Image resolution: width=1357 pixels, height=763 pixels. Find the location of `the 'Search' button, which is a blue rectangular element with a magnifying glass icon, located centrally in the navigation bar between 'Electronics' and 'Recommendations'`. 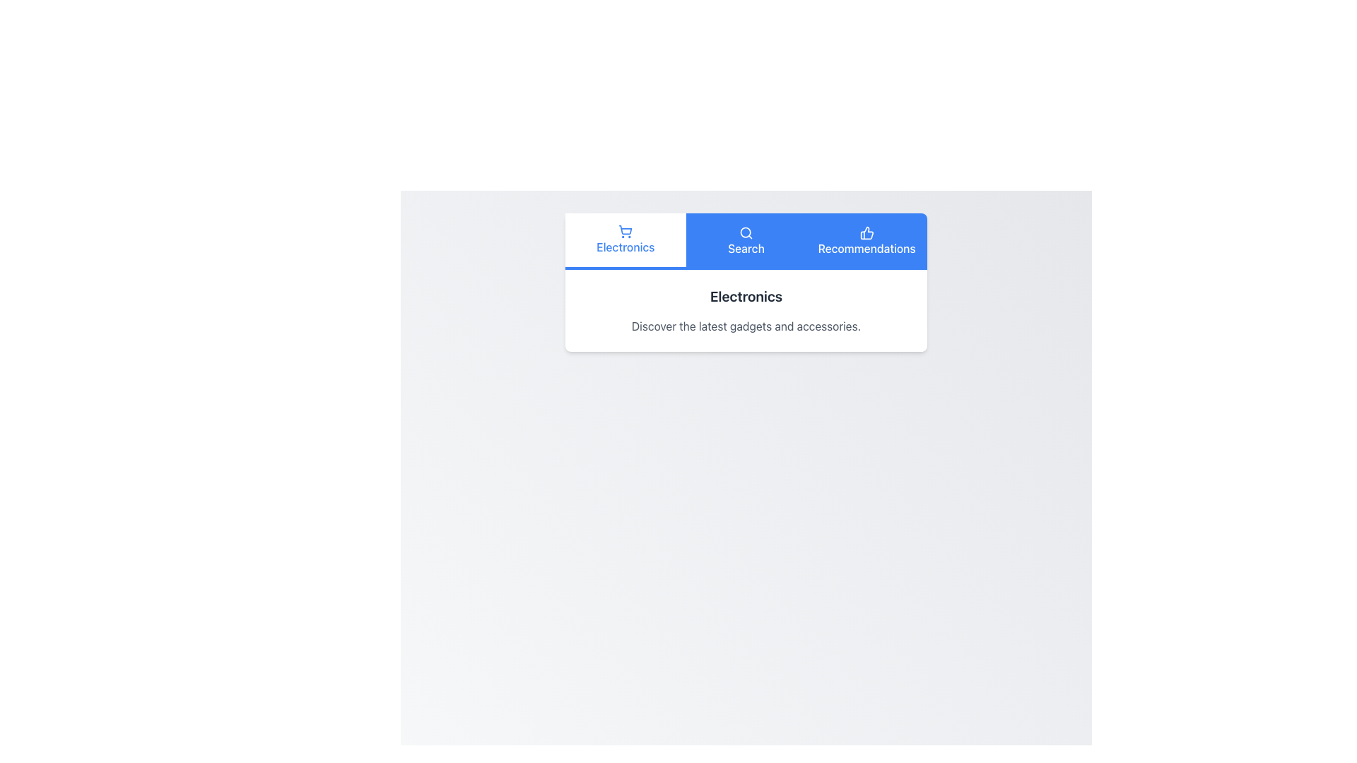

the 'Search' button, which is a blue rectangular element with a magnifying glass icon, located centrally in the navigation bar between 'Electronics' and 'Recommendations' is located at coordinates (746, 241).